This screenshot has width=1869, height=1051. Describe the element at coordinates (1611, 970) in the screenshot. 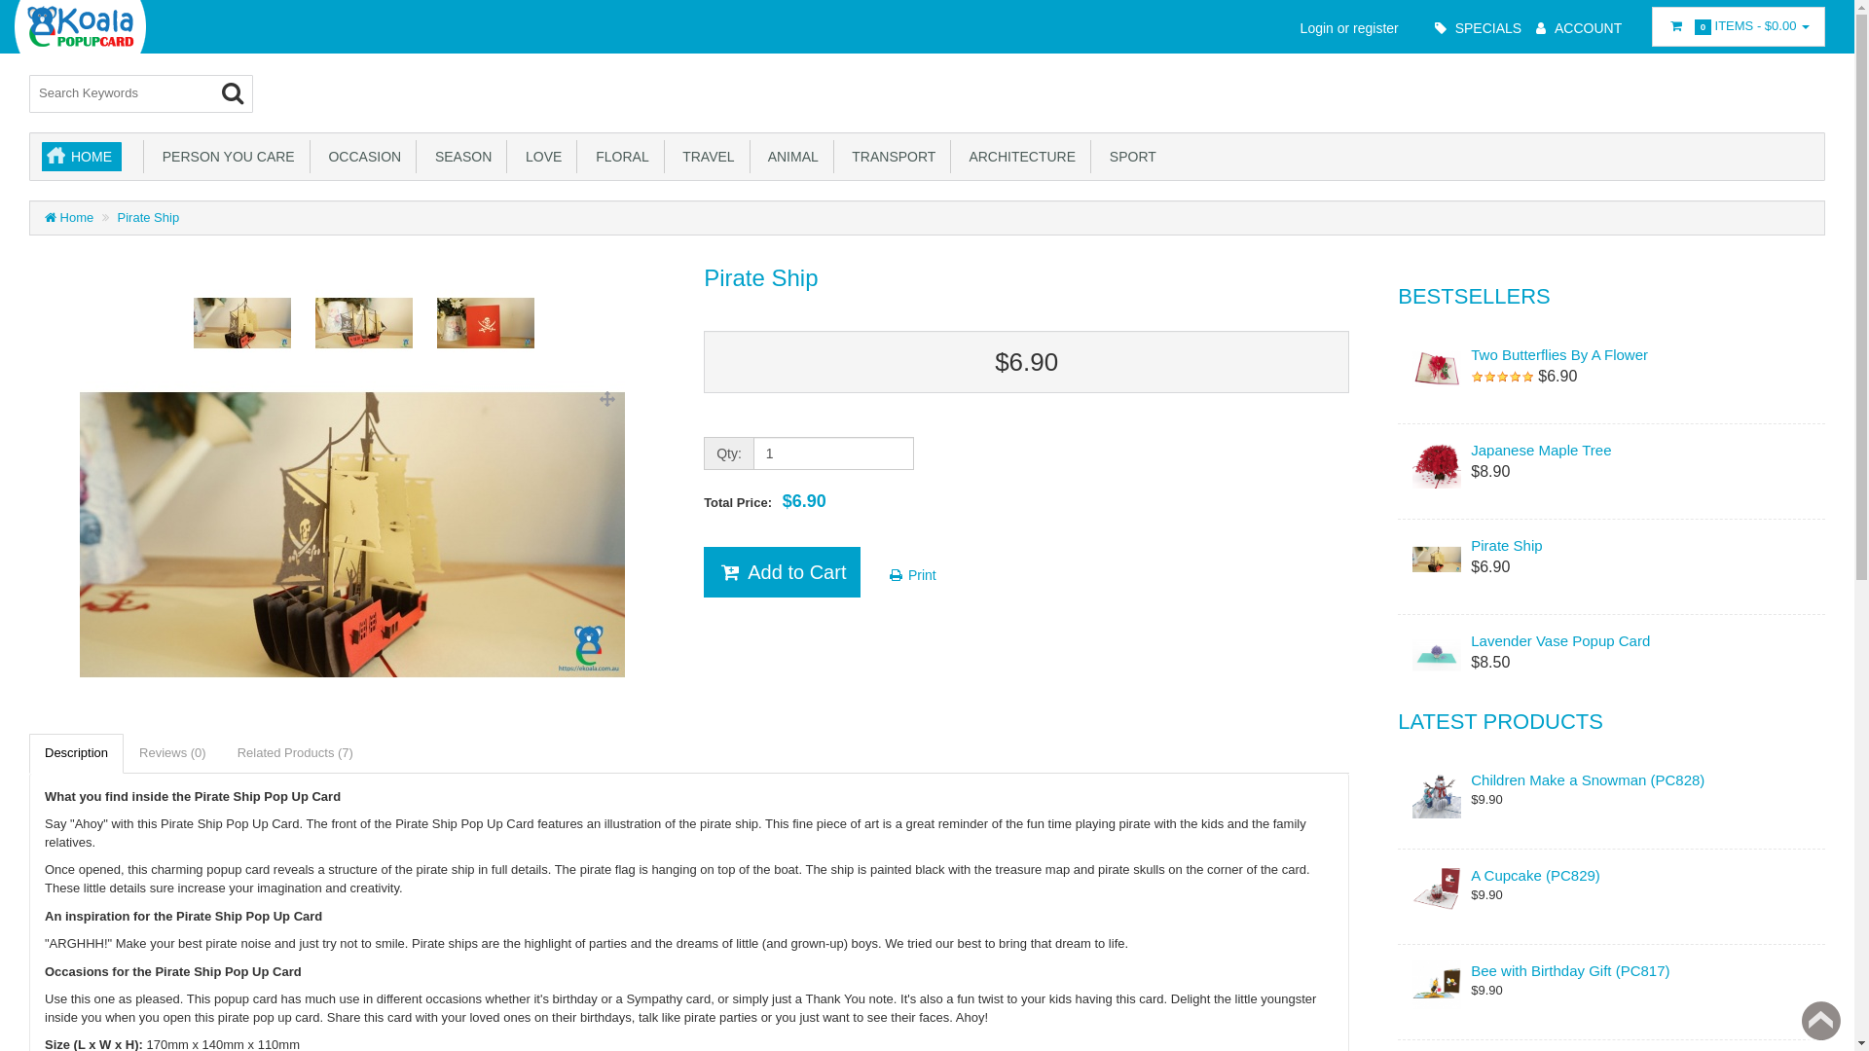

I see `'Bee with Birthday Gift (PC817)'` at that location.